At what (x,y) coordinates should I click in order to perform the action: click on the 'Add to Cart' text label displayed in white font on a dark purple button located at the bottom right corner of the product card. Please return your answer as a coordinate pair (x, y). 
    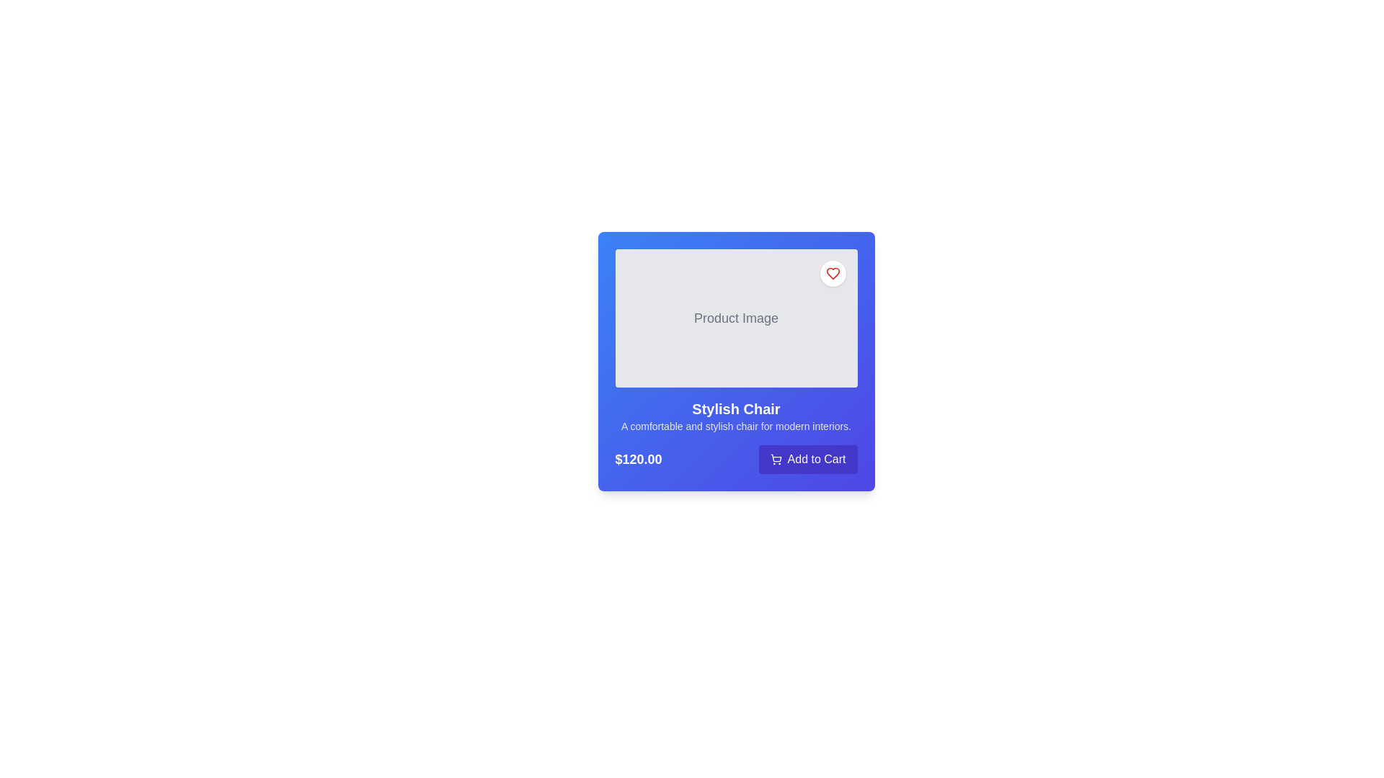
    Looking at the image, I should click on (816, 459).